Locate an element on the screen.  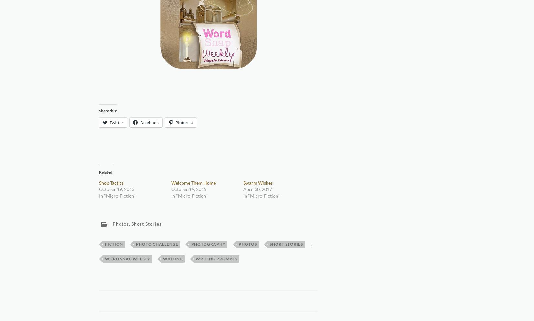
'writing prompts' is located at coordinates (216, 258).